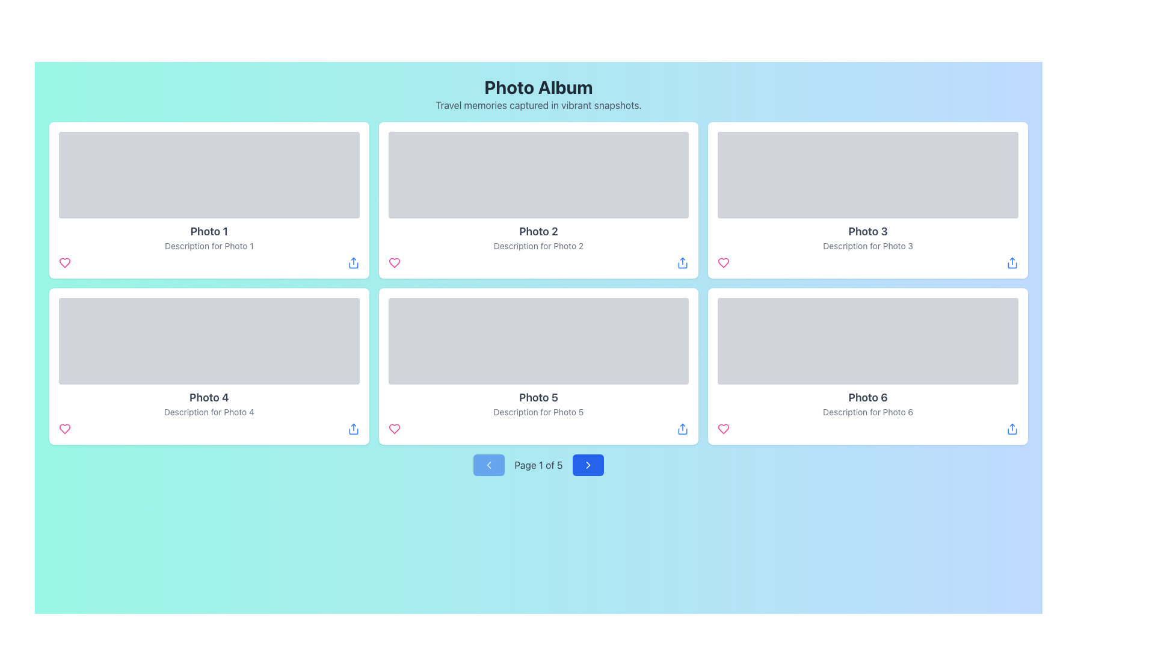 The width and height of the screenshot is (1155, 650). What do you see at coordinates (64, 429) in the screenshot?
I see `the vibrant pink heart icon located below the image of Photo 4` at bounding box center [64, 429].